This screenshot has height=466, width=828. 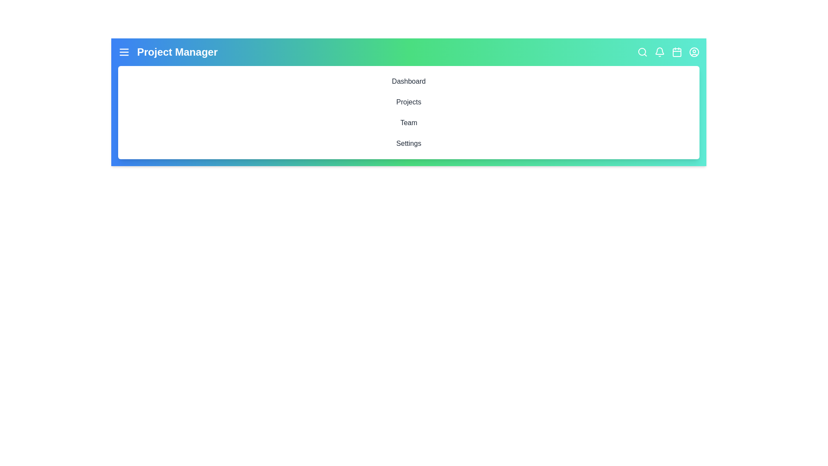 What do you see at coordinates (408, 123) in the screenshot?
I see `the text element Team in the AppBar` at bounding box center [408, 123].